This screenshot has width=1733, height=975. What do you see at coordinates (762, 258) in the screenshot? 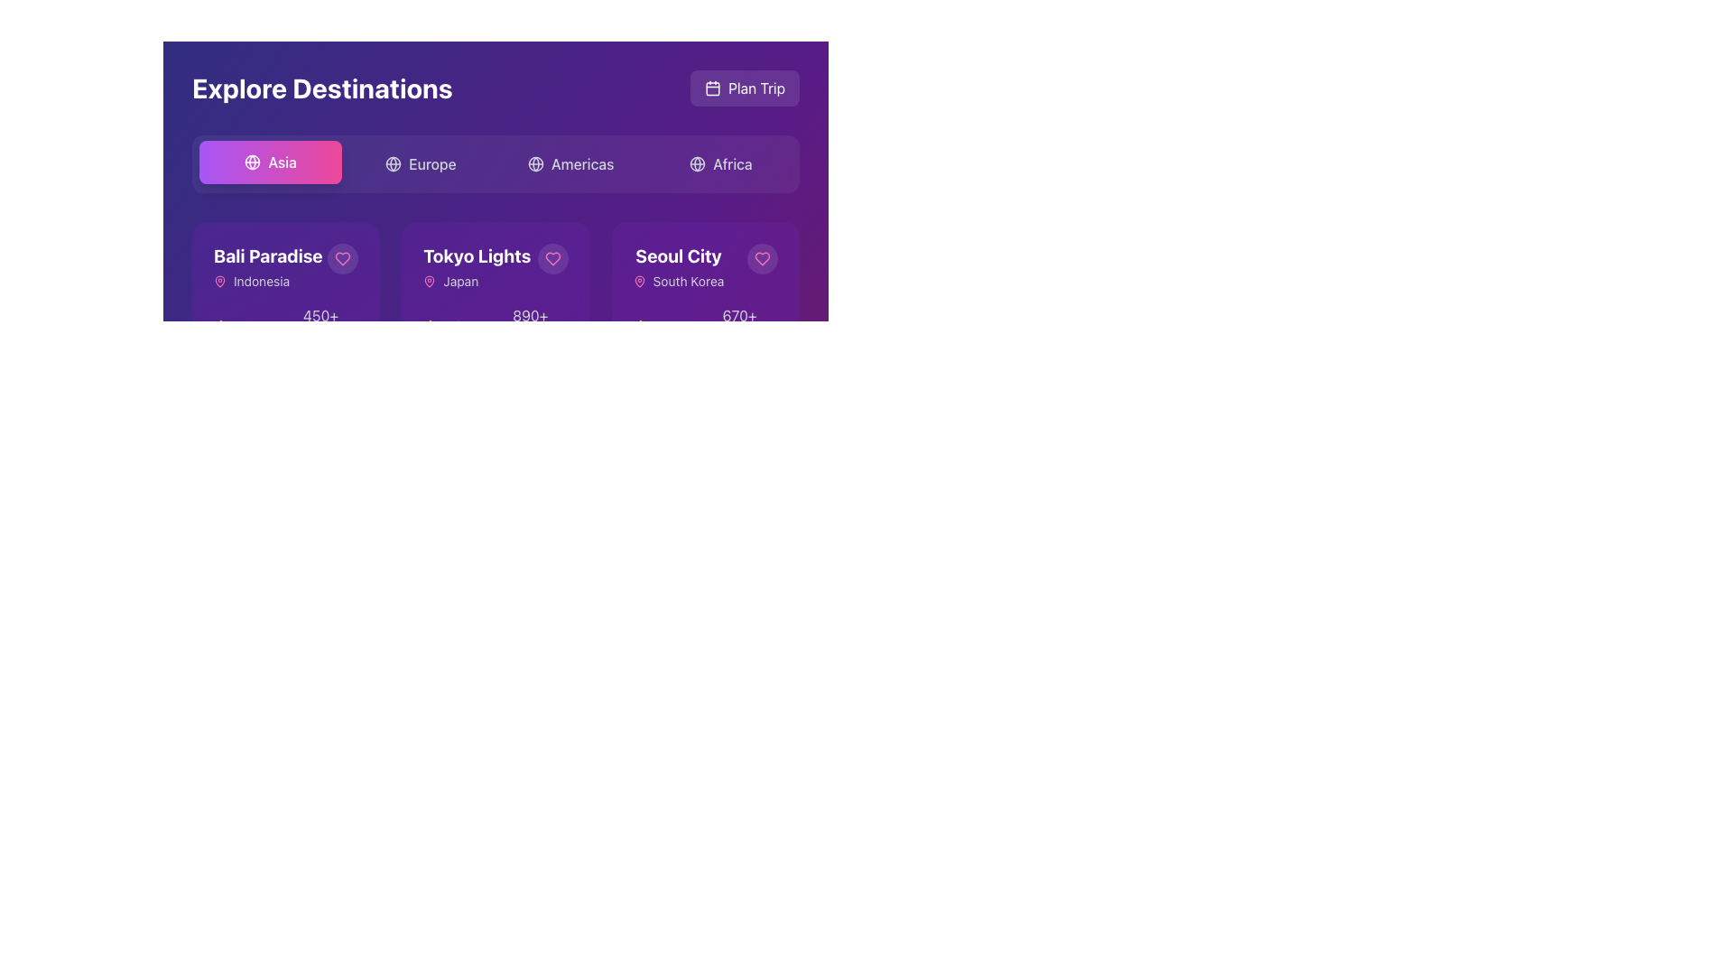
I see `the heart icon button located in the upper-right corner of the 'Seoul City' card to mark it as a favorite` at bounding box center [762, 258].